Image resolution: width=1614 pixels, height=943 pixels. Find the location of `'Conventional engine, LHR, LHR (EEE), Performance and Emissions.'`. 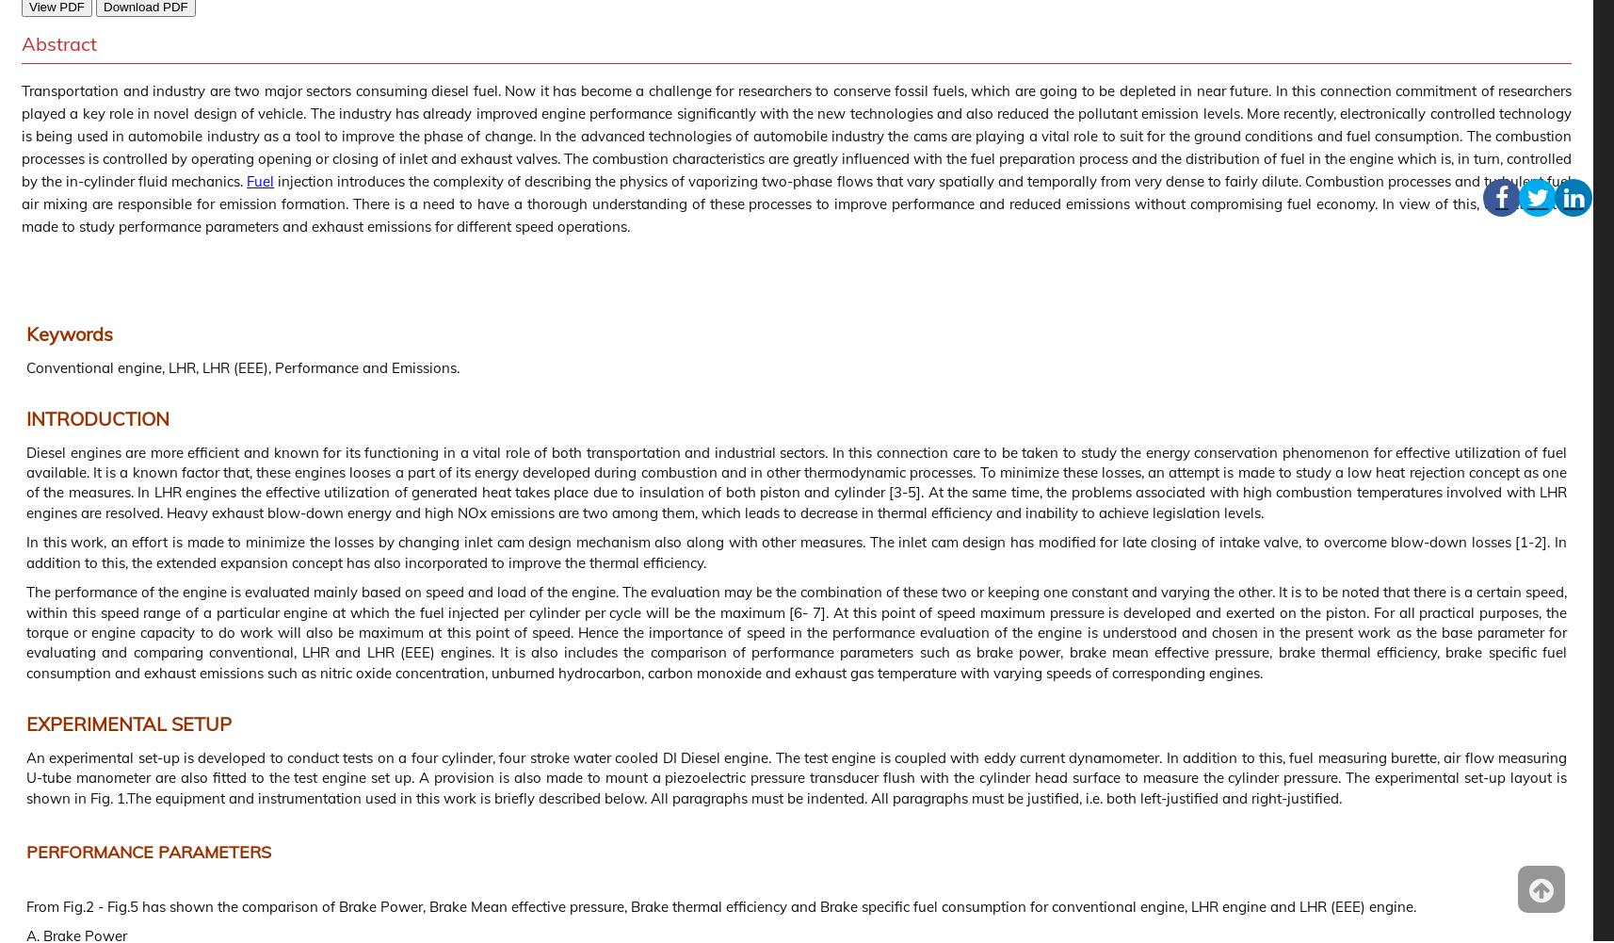

'Conventional engine, LHR, LHR (EEE), Performance and Emissions.' is located at coordinates (242, 366).